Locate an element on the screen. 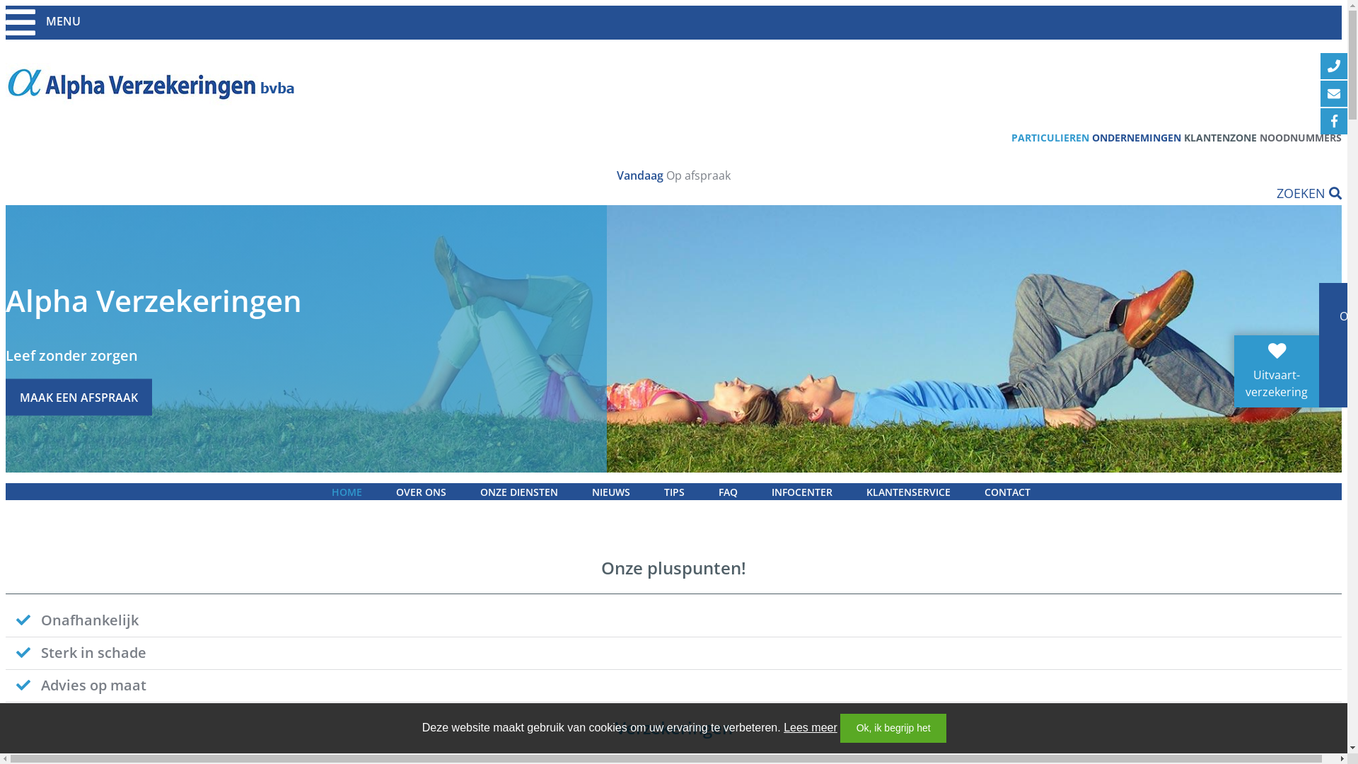 This screenshot has height=764, width=1358. 'MAAK EEN AFSPRAAK' is located at coordinates (78, 396).